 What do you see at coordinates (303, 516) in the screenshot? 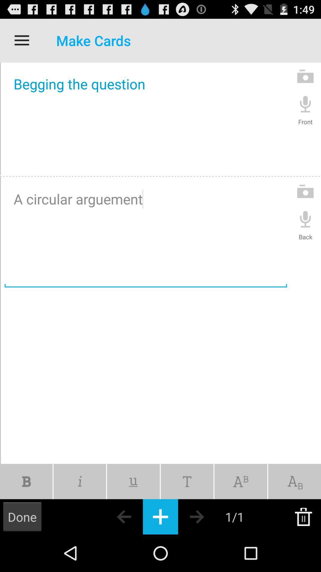
I see `the bin icon which is bottom right hand side of the page` at bounding box center [303, 516].